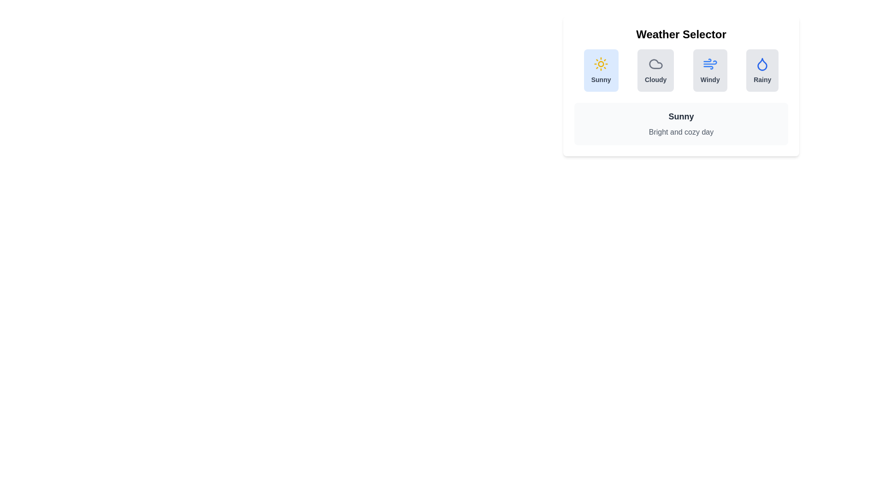  Describe the element at coordinates (681, 116) in the screenshot. I see `text label indicating the current selected weather status, which displays 'Sunny'` at that location.